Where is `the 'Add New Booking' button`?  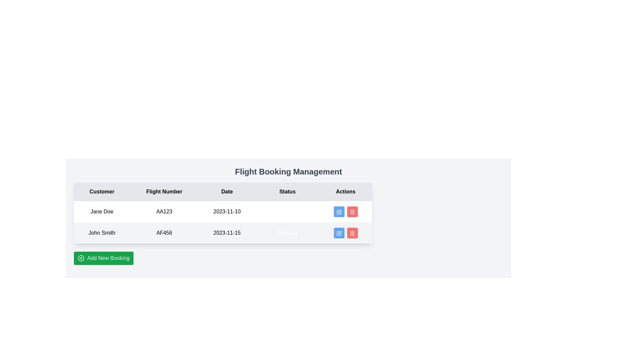 the 'Add New Booking' button is located at coordinates (103, 258).